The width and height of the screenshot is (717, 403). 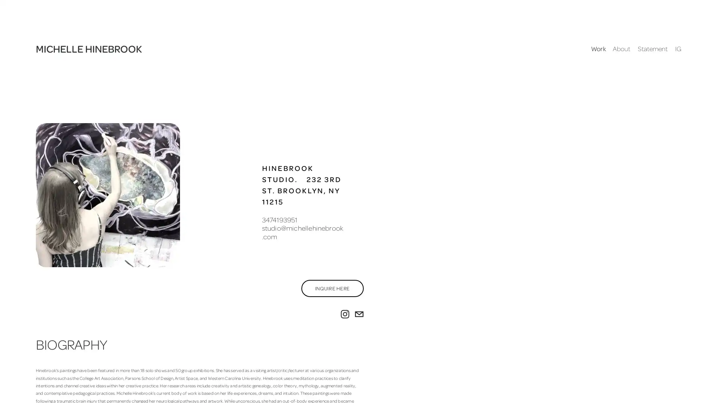 I want to click on INQUIRE HERE, so click(x=332, y=288).